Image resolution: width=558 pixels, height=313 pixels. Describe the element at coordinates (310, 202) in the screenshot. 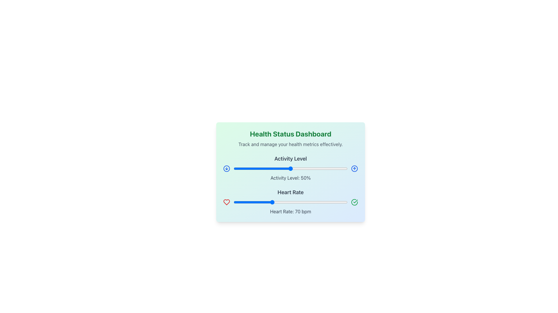

I see `heart rate` at that location.